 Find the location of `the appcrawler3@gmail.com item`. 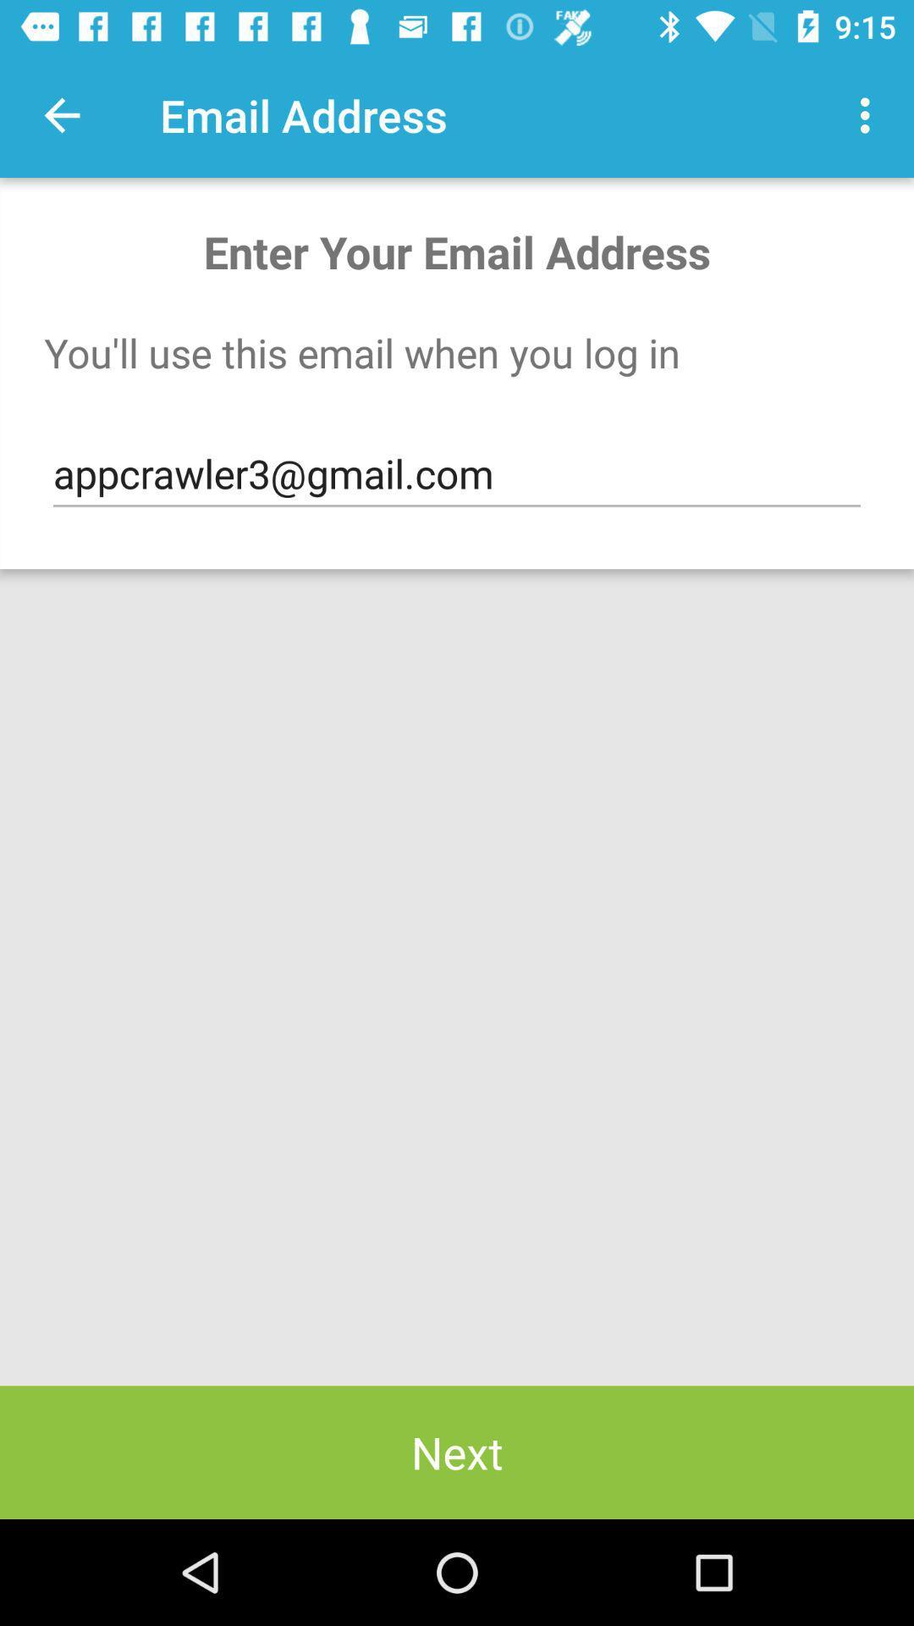

the appcrawler3@gmail.com item is located at coordinates (457, 474).